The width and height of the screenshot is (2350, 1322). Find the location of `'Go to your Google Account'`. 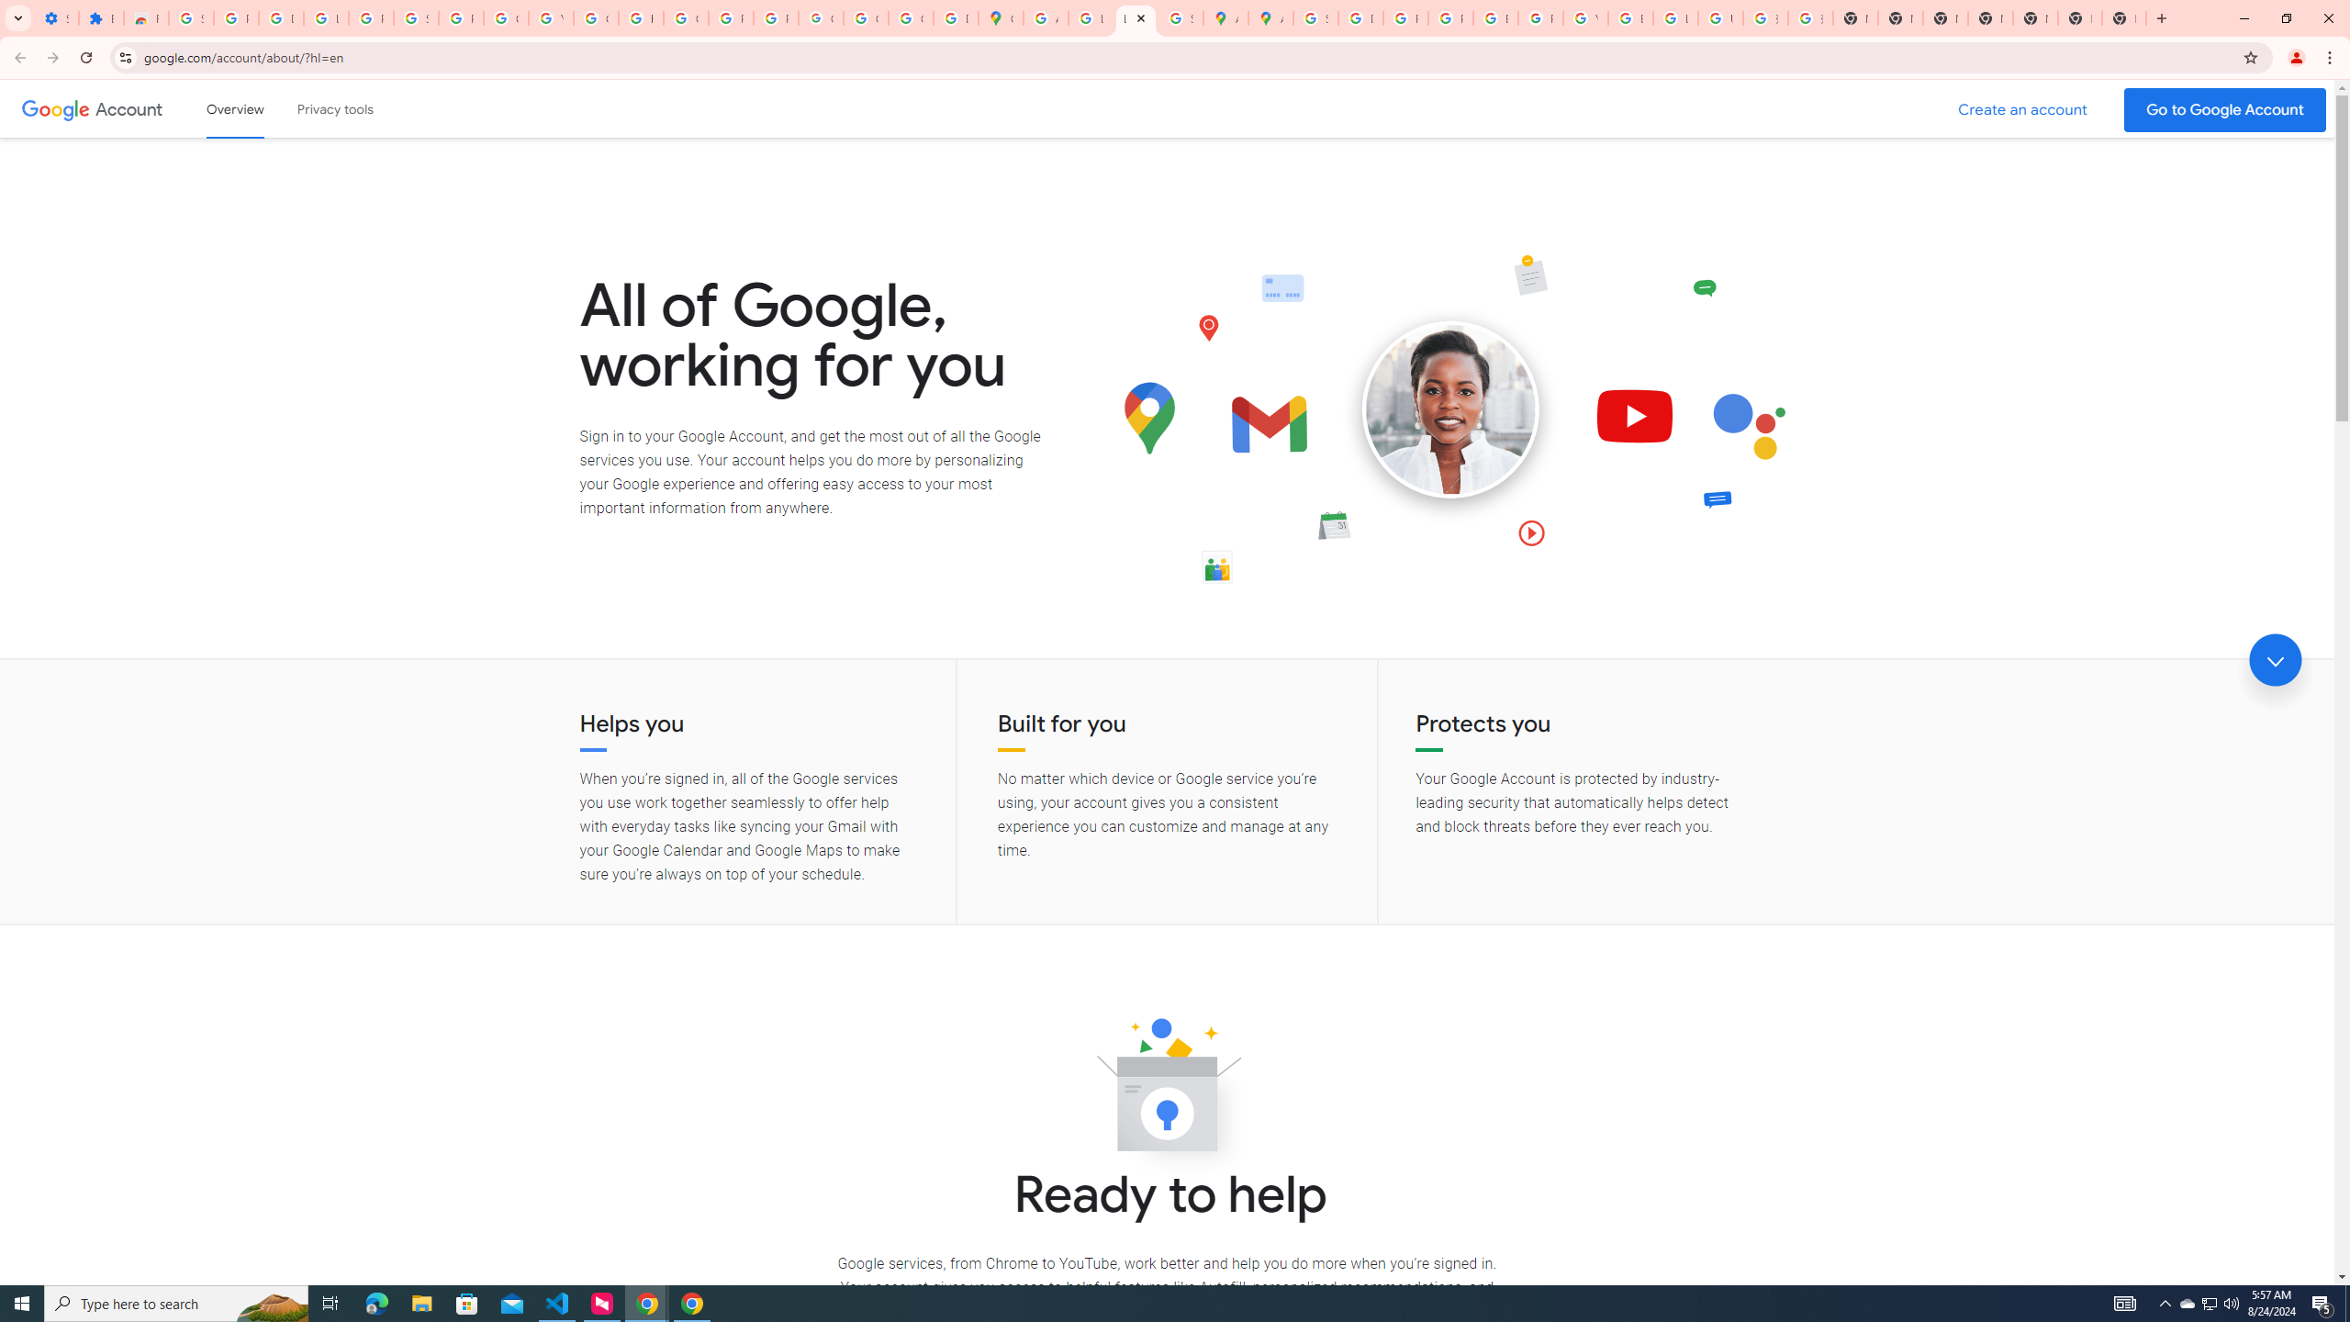

'Go to your Google Account' is located at coordinates (2225, 109).